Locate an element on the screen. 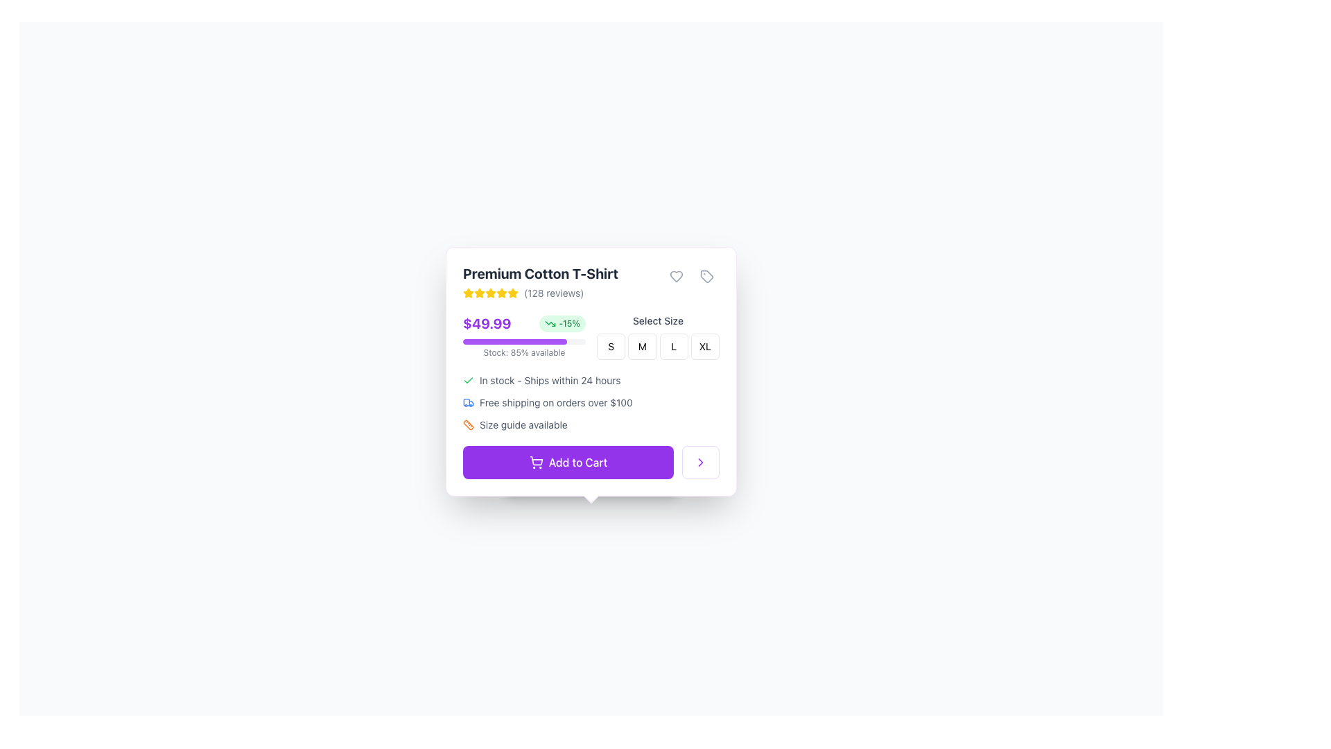 This screenshot has height=749, width=1331. the 'Add to Cart' button, which is a rectangular purple button with white text and icons, located at the bottom center of the card for the 'Premium Cotton T-Shirt' is located at coordinates (591, 463).